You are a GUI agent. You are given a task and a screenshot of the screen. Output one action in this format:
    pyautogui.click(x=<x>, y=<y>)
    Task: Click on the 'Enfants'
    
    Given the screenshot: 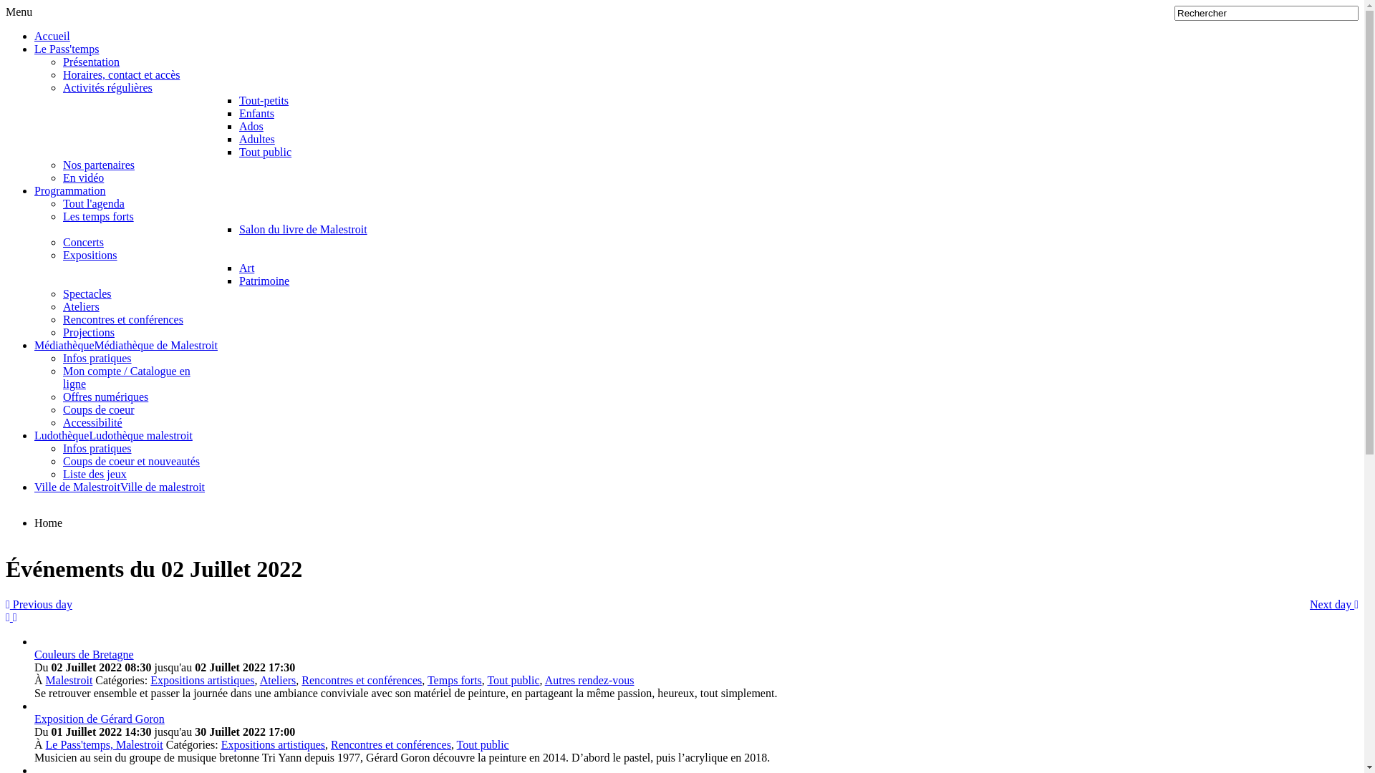 What is the action you would take?
    pyautogui.click(x=256, y=112)
    